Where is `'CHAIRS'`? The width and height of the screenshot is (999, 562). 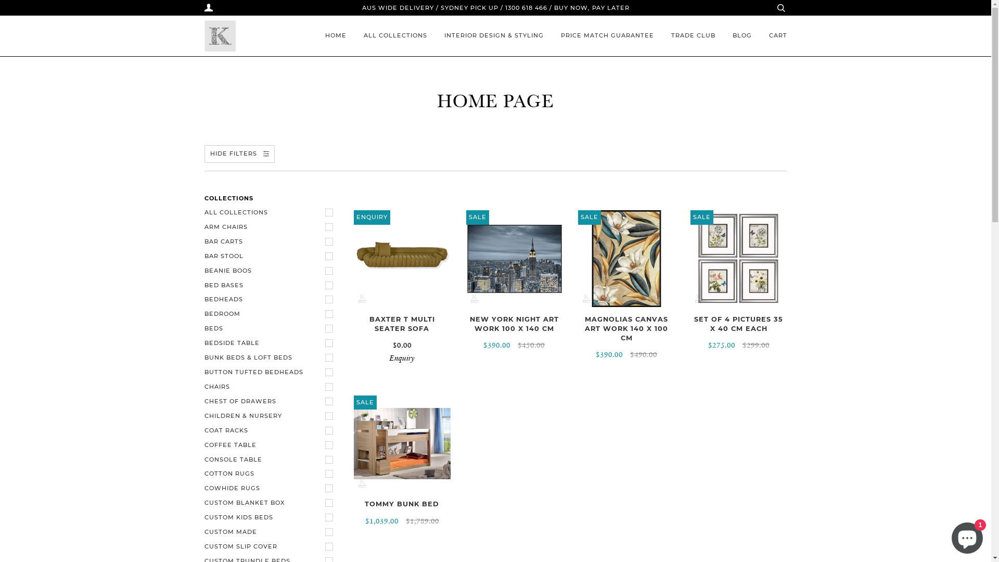
'CHAIRS' is located at coordinates (204, 387).